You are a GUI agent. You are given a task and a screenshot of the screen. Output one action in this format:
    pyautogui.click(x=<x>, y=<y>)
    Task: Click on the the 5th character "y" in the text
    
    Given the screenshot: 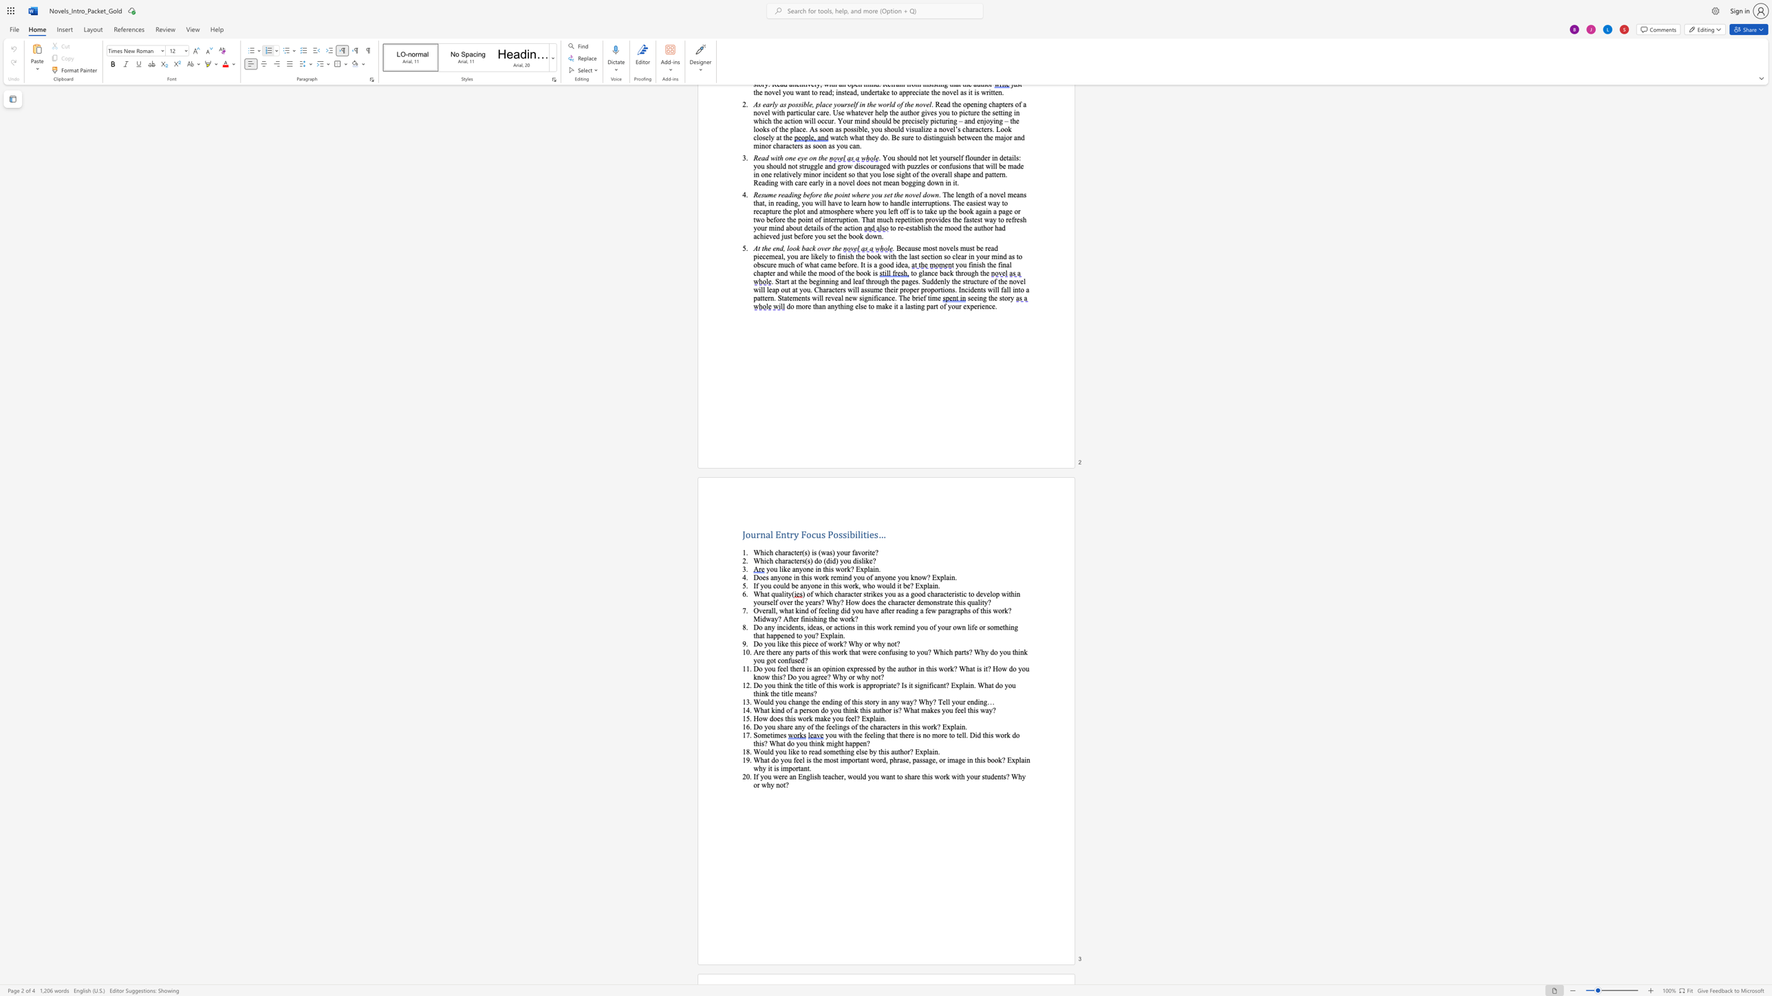 What is the action you would take?
    pyautogui.click(x=930, y=701)
    